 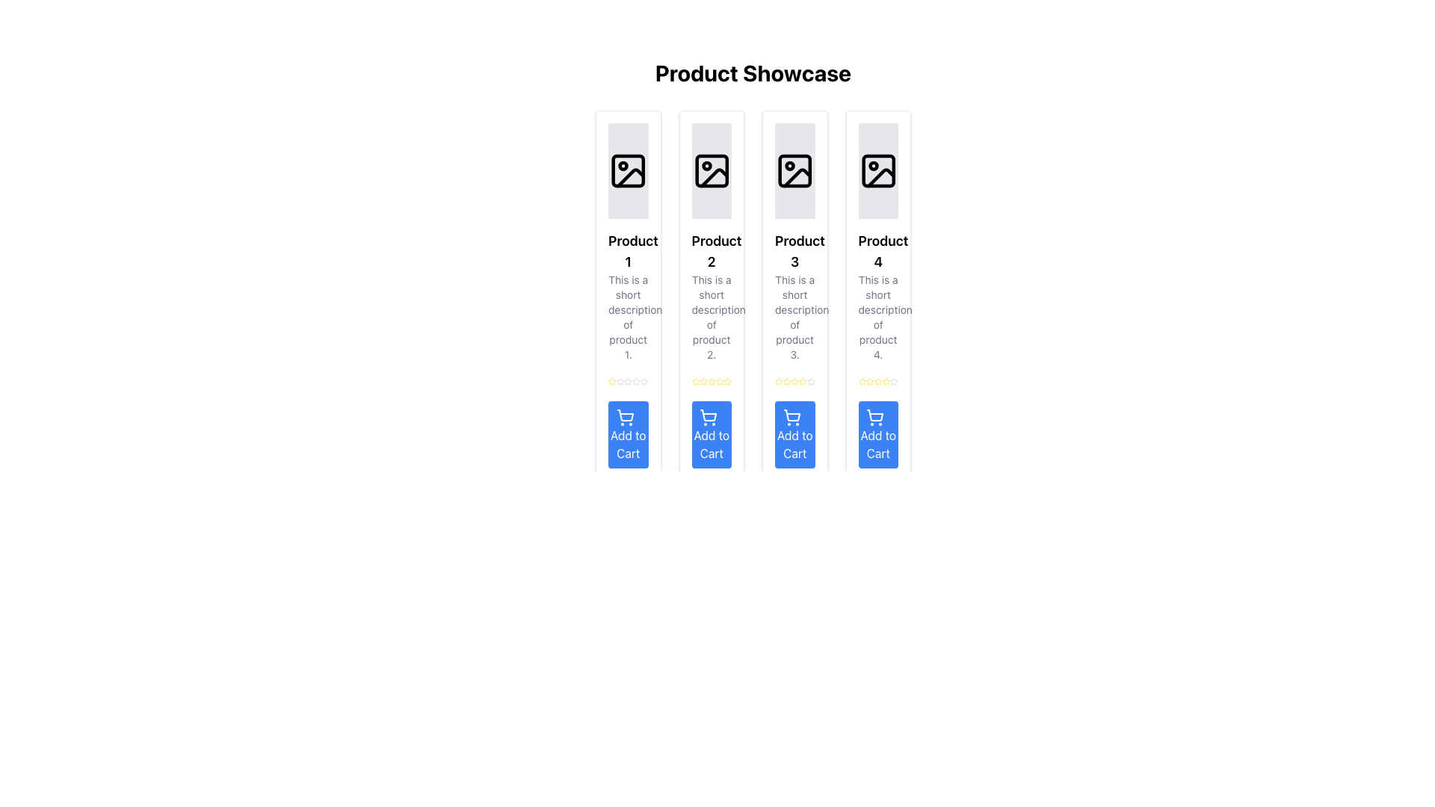 I want to click on the third star icon in the rating system under 'Product 3', which serves as a visual representation of a rating mechanism, so click(x=786, y=380).